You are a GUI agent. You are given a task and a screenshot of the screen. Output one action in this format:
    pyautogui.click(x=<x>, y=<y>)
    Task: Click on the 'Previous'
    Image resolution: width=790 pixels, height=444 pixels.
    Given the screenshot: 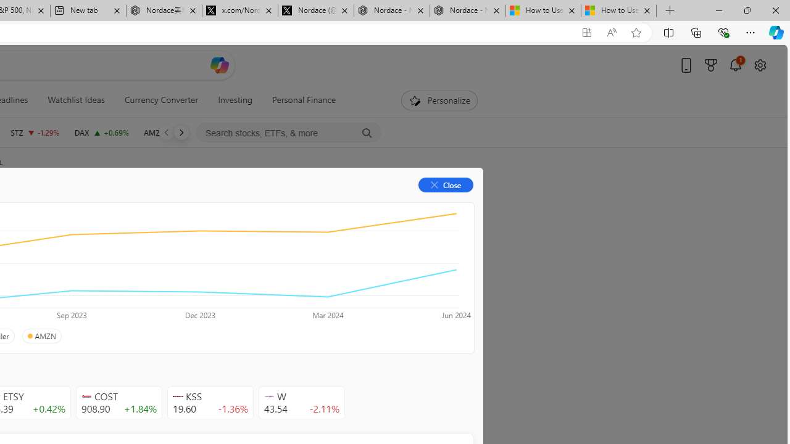 What is the action you would take?
    pyautogui.click(x=166, y=132)
    